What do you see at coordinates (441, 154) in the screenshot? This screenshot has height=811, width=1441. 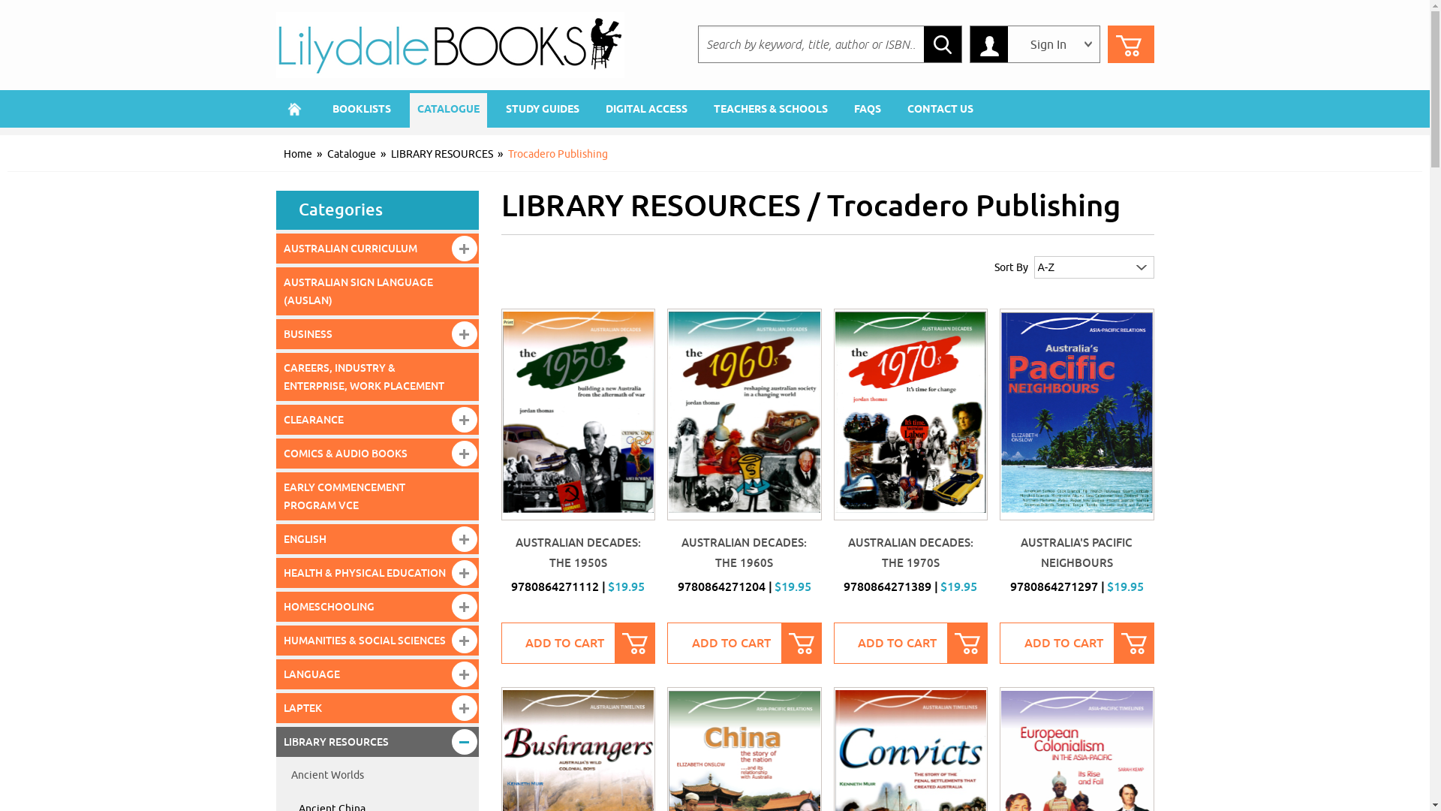 I see `'LIBRARY RESOURCES'` at bounding box center [441, 154].